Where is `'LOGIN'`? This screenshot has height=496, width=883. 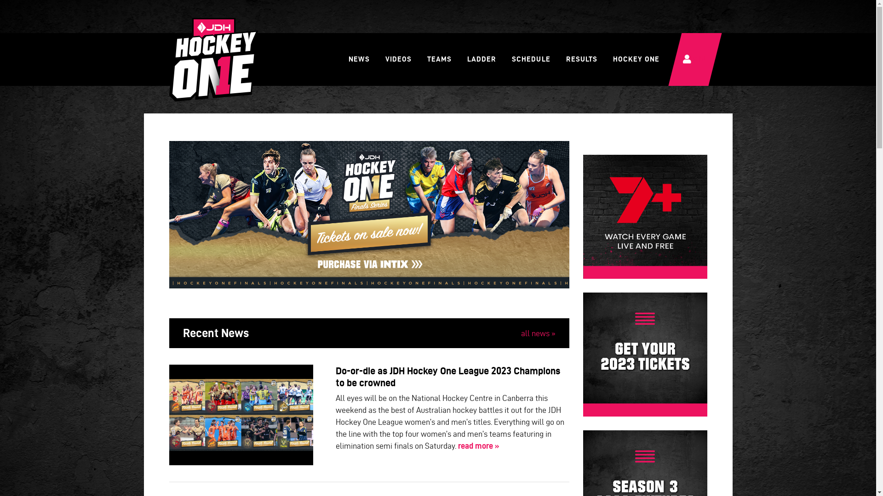 'LOGIN' is located at coordinates (695, 59).